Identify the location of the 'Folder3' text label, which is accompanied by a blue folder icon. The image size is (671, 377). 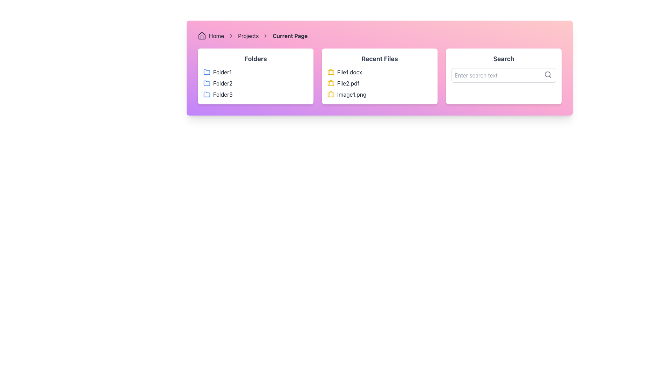
(222, 94).